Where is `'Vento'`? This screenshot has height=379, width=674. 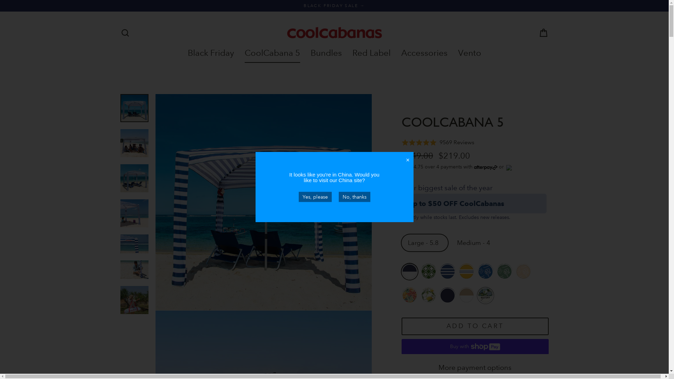
'Vento' is located at coordinates (470, 52).